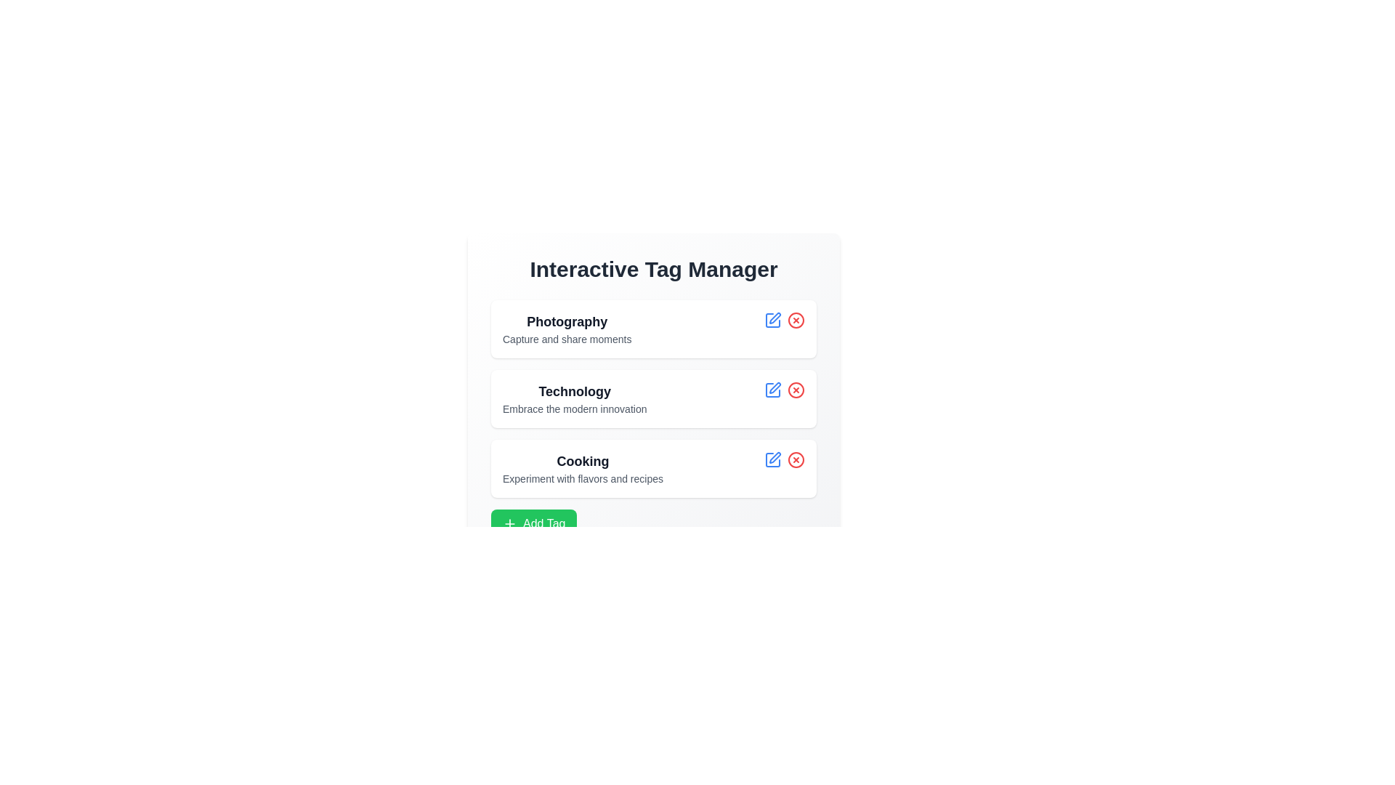 The height and width of the screenshot is (785, 1395). I want to click on keyboard navigation, so click(533, 524).